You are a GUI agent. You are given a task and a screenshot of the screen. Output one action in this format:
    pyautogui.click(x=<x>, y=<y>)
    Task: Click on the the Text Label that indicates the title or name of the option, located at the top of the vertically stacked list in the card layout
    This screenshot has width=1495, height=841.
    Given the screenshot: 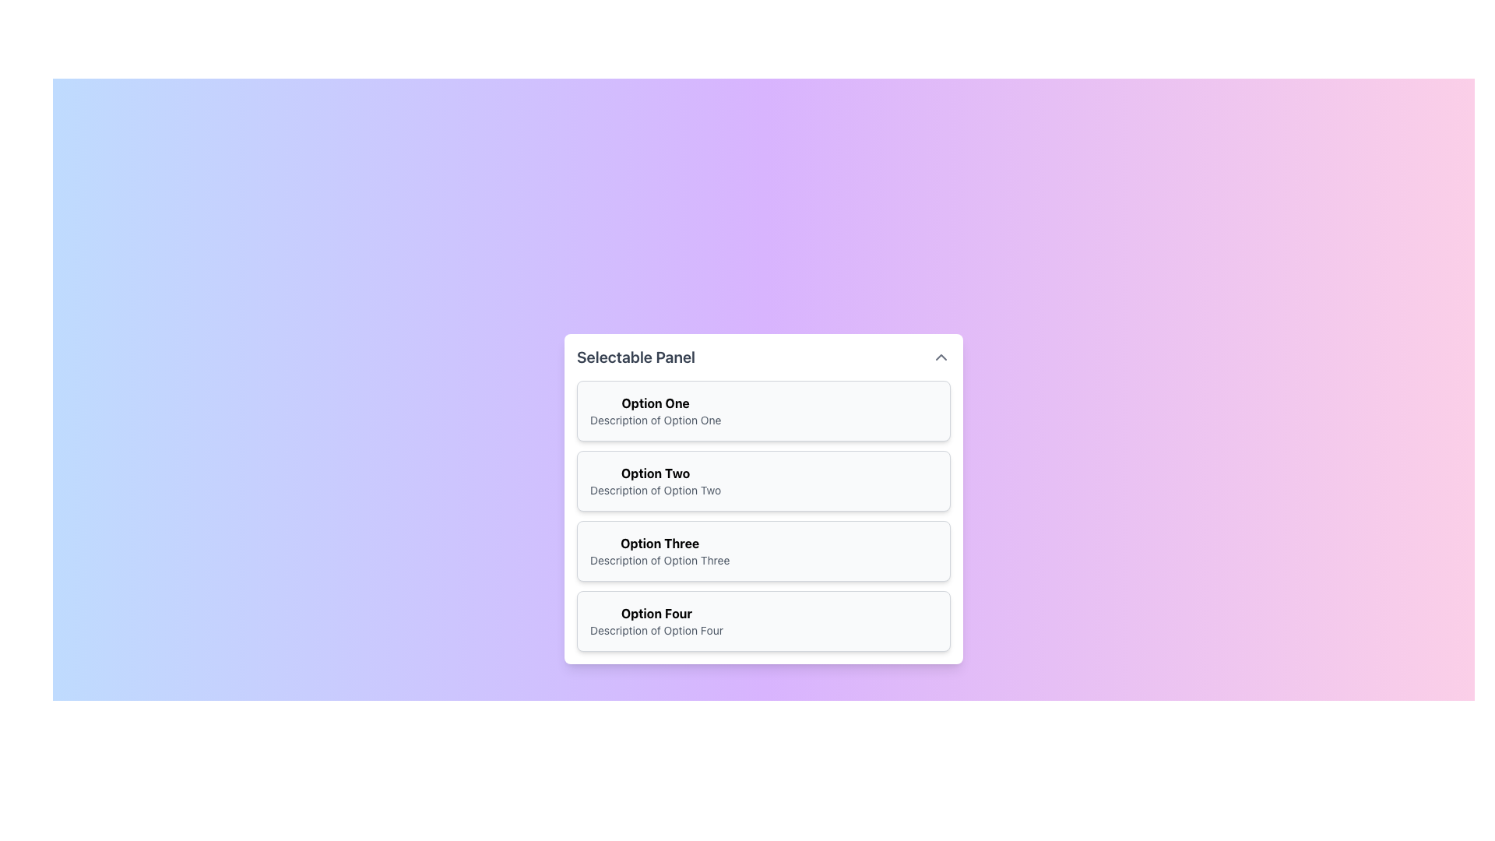 What is the action you would take?
    pyautogui.click(x=656, y=402)
    